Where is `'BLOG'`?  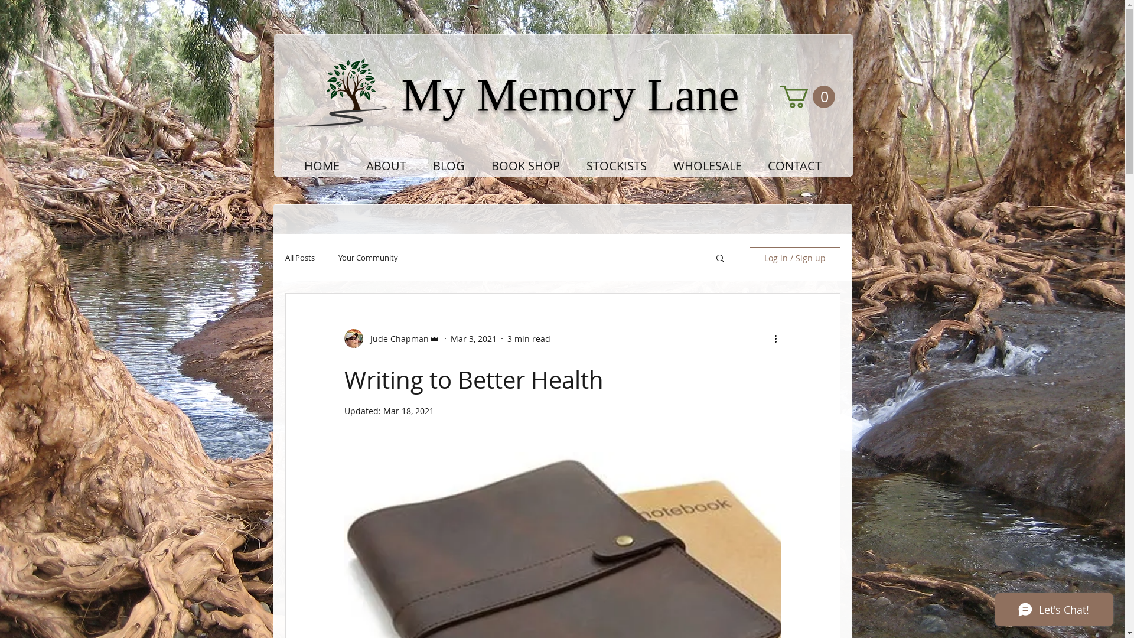
'BLOG' is located at coordinates (448, 166).